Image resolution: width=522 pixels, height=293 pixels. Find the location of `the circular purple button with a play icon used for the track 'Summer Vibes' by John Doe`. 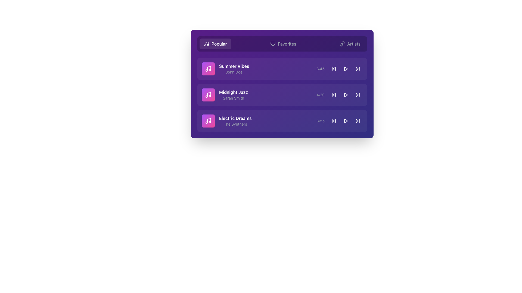

the circular purple button with a play icon used for the track 'Summer Vibes' by John Doe is located at coordinates (346, 69).